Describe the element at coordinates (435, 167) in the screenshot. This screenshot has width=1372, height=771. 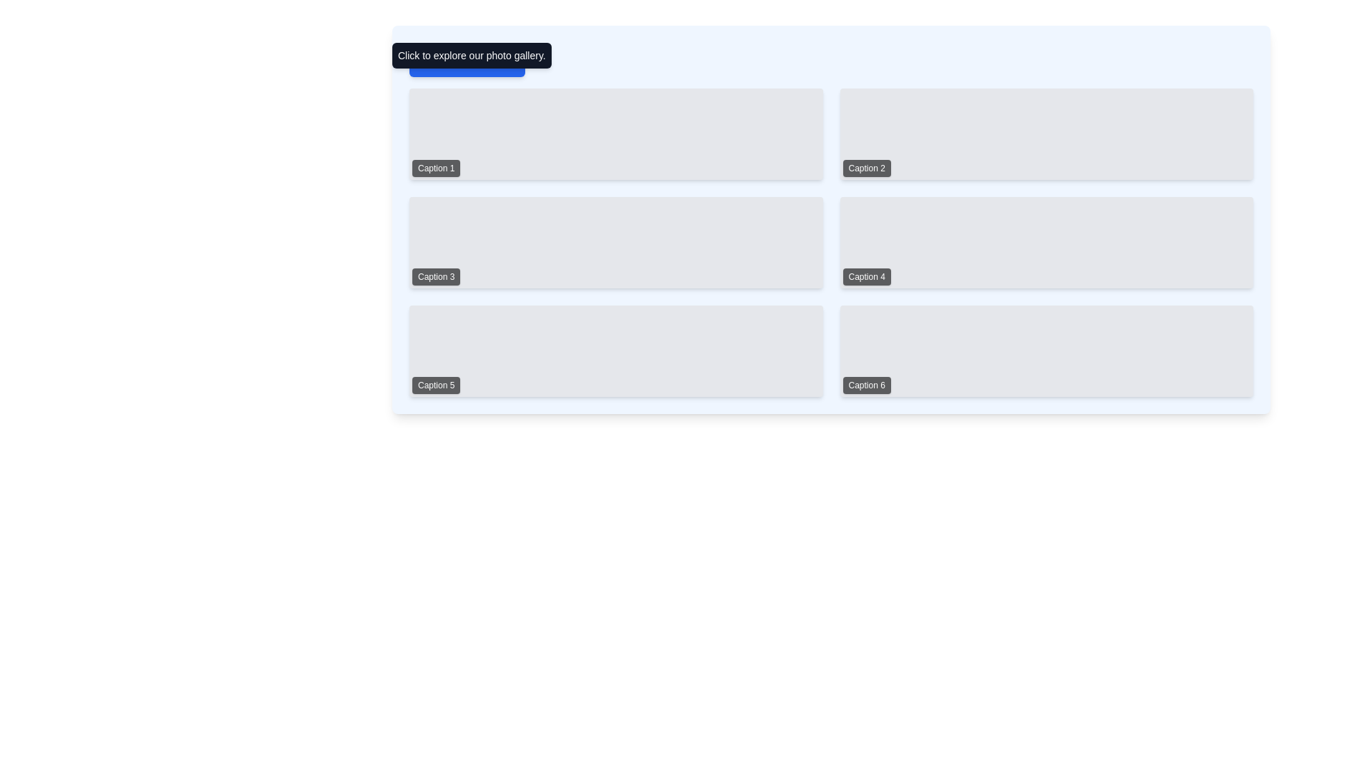
I see `the Text label element containing the text 'Caption 1', which has a black background with 60% opacity and white text, located at the bottom-left corner of a rectangular section in the top-left quadrant of the interface` at that location.